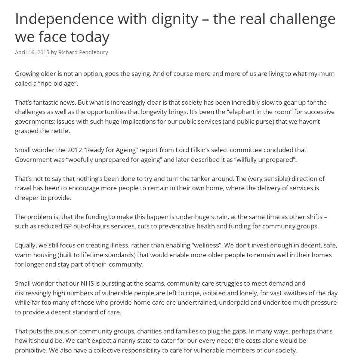 This screenshot has height=357, width=355. What do you see at coordinates (169, 188) in the screenshot?
I see `'That’s not to say that nothing’s been done to try and turn the tanker around. The (very sensible) direction of travel has been to encourage more people to remain in their own home, where the delivery of services is cheaper to provide.'` at bounding box center [169, 188].